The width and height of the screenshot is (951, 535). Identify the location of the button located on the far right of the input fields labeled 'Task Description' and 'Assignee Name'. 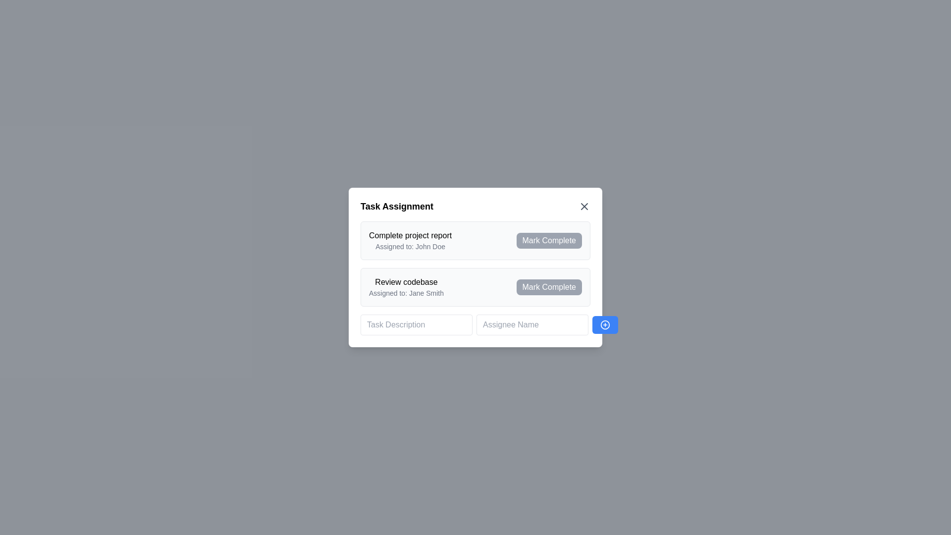
(605, 324).